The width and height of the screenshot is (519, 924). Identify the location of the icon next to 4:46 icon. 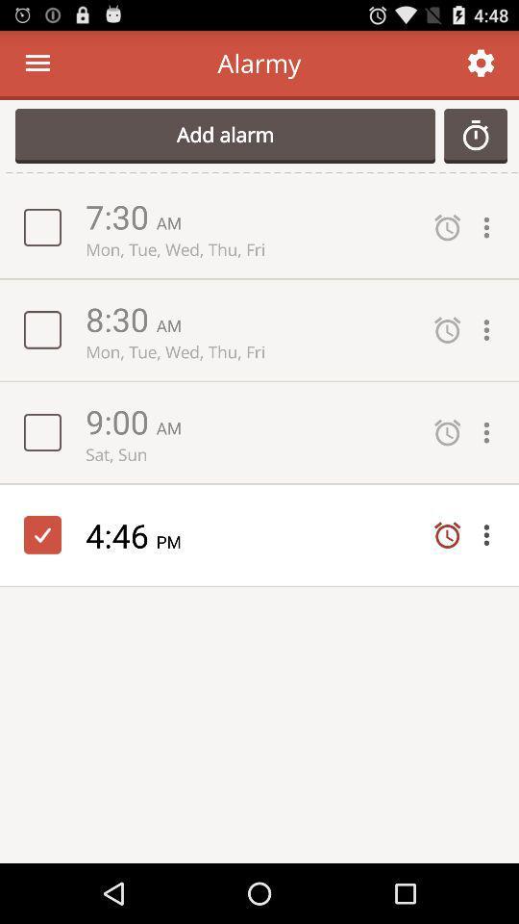
(175, 541).